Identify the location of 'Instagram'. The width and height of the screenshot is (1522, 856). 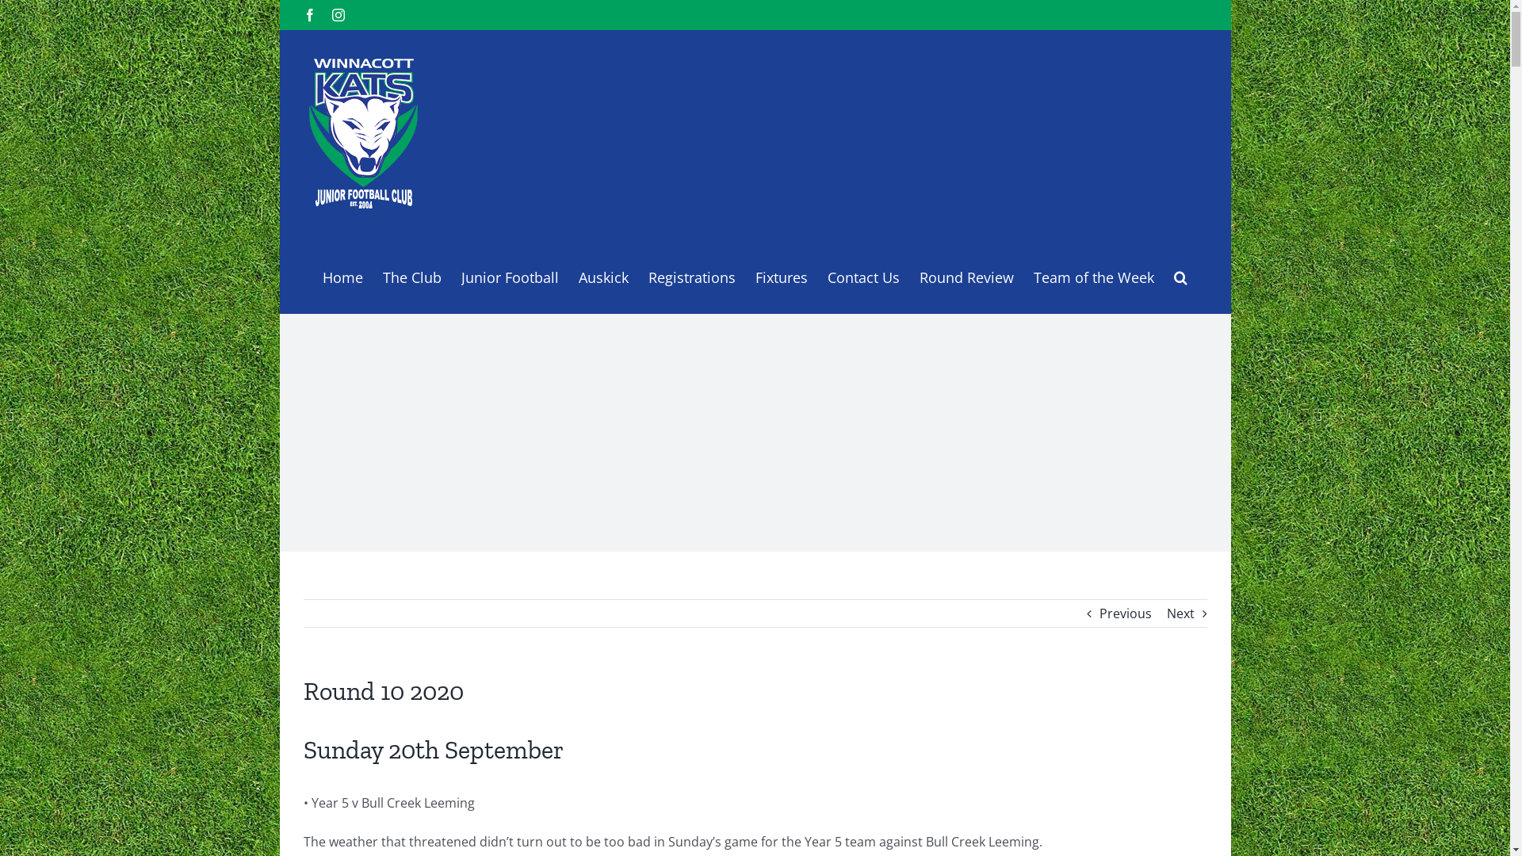
(337, 15).